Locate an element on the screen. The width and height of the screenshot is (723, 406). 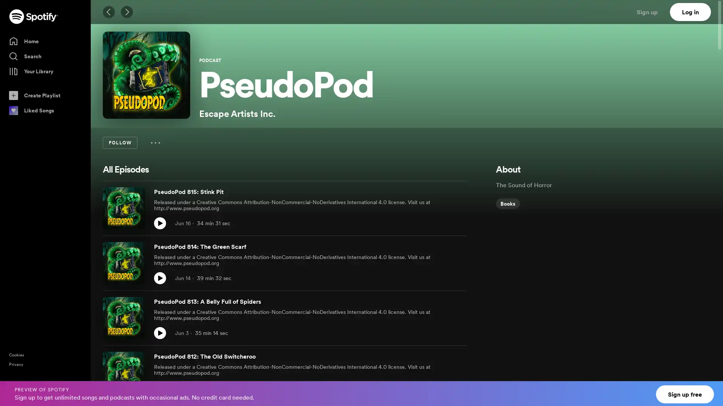
Share is located at coordinates (444, 278).